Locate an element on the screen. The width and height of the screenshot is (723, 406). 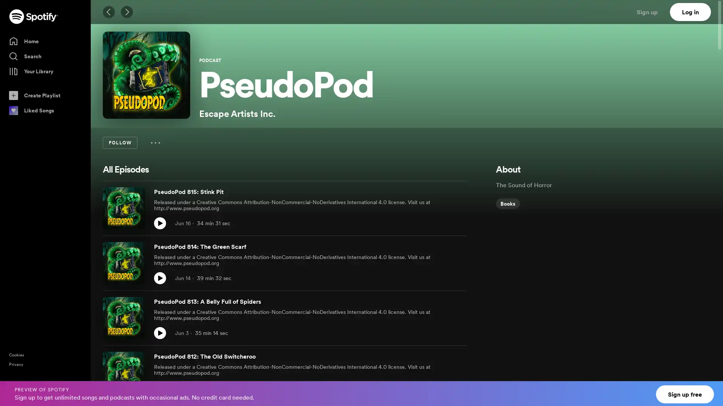
Share is located at coordinates (444, 278).